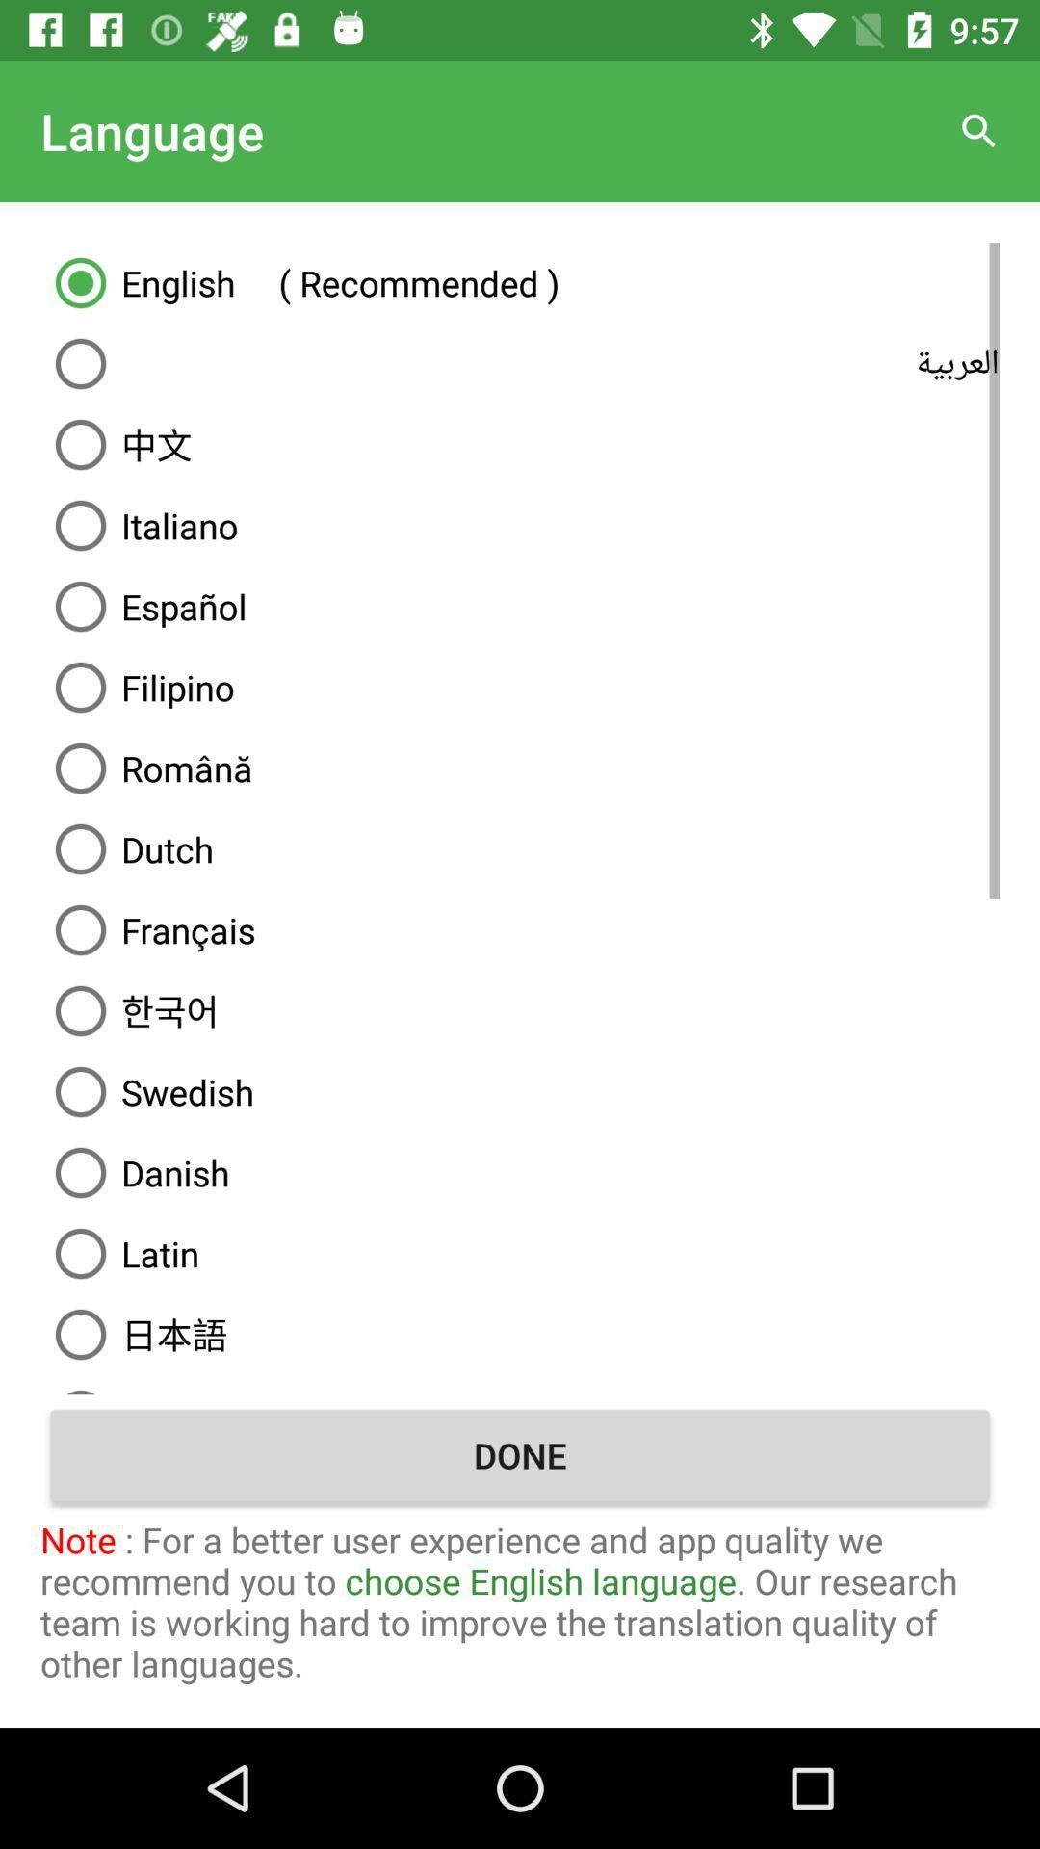 The height and width of the screenshot is (1849, 1040). What do you see at coordinates (520, 364) in the screenshot?
I see `the icon below english     ( recommended ) item` at bounding box center [520, 364].